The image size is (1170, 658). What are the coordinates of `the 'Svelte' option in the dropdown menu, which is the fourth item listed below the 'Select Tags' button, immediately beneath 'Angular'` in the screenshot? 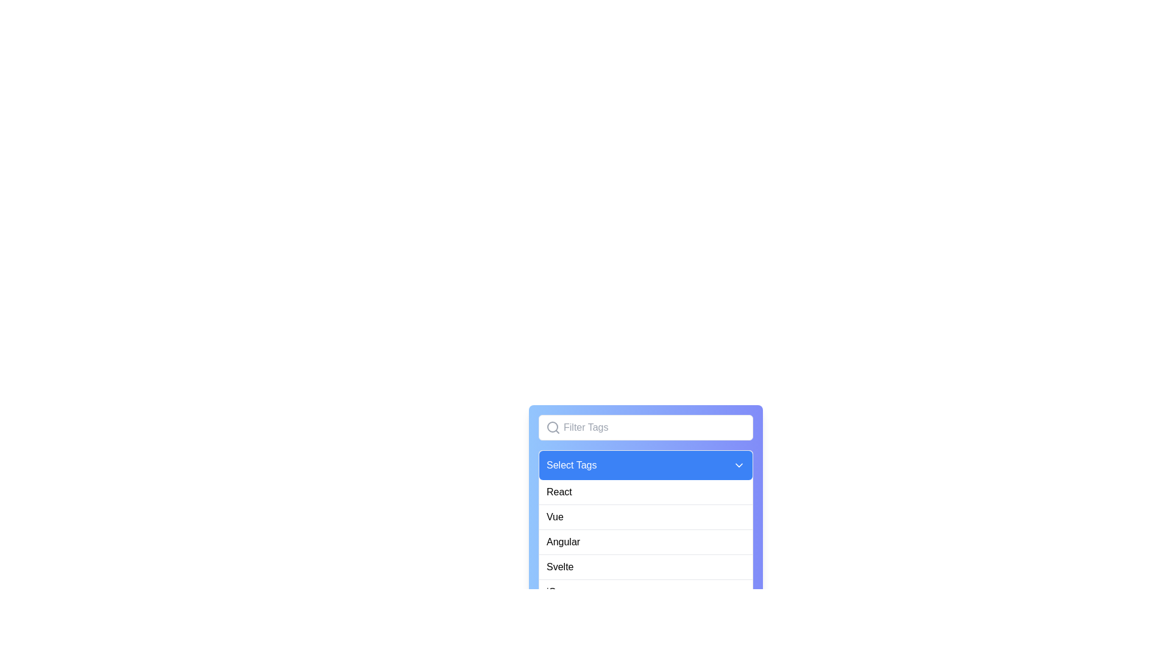 It's located at (645, 554).